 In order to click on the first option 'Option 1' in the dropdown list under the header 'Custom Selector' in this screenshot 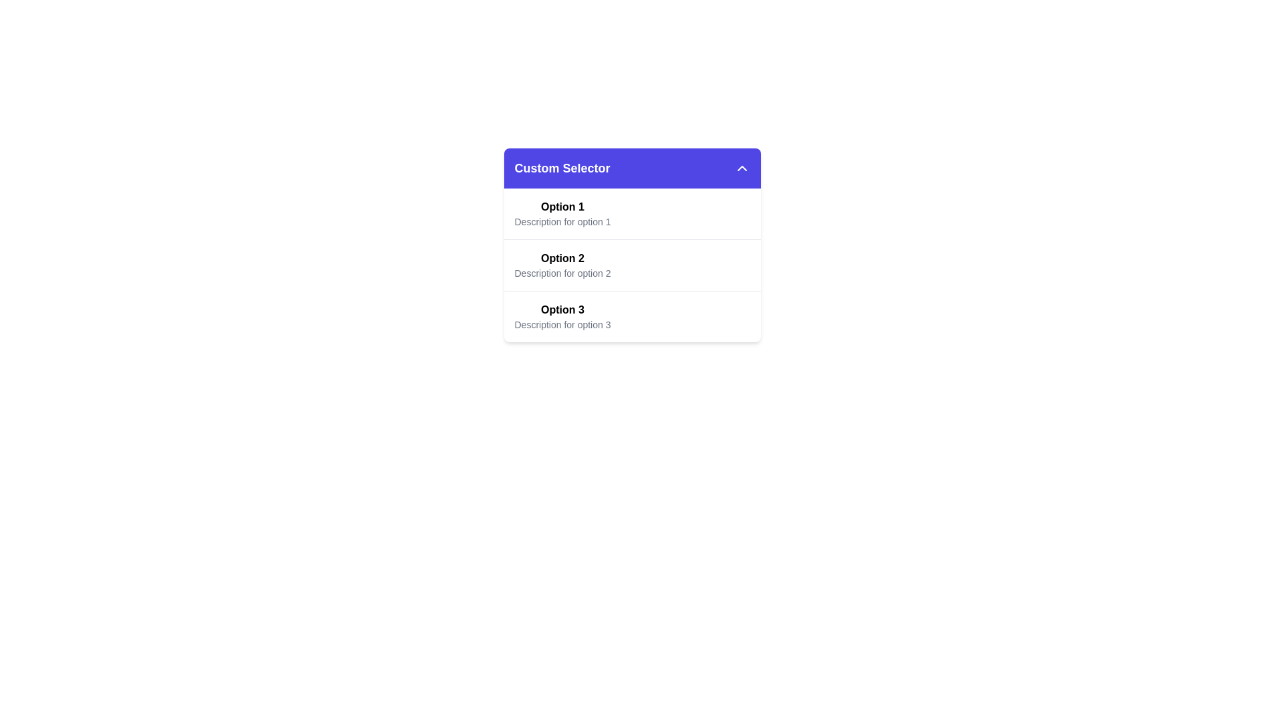, I will do `click(562, 213)`.